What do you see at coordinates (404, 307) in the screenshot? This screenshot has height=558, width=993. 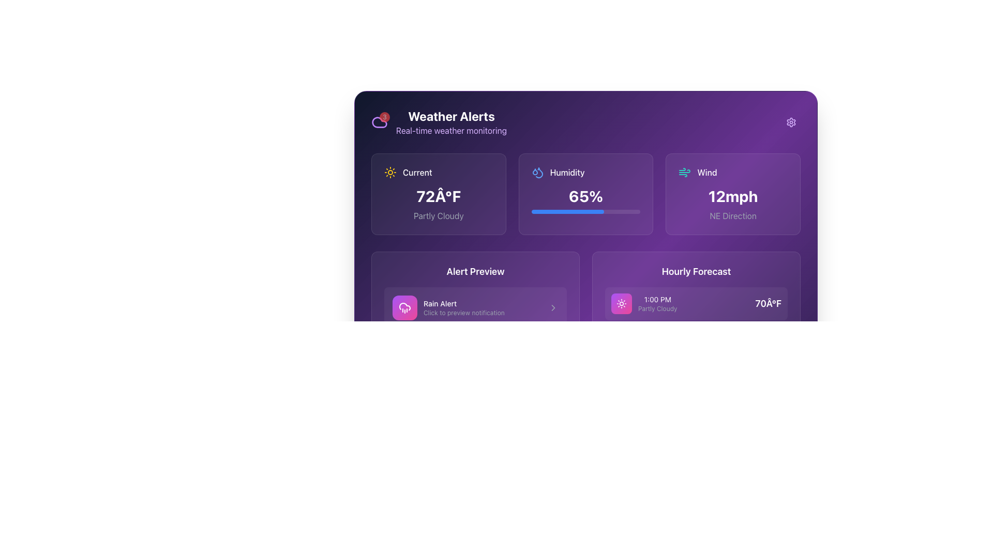 I see `the square-shaped icon button with a gradient background transitioning from purple to pink, featuring a white cloud with rain icon, located in the 'Alert Preview' section` at bounding box center [404, 307].